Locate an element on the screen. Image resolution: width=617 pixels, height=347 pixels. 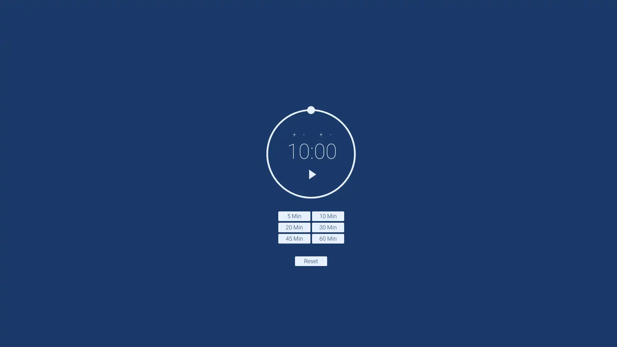
- is located at coordinates (330, 134).